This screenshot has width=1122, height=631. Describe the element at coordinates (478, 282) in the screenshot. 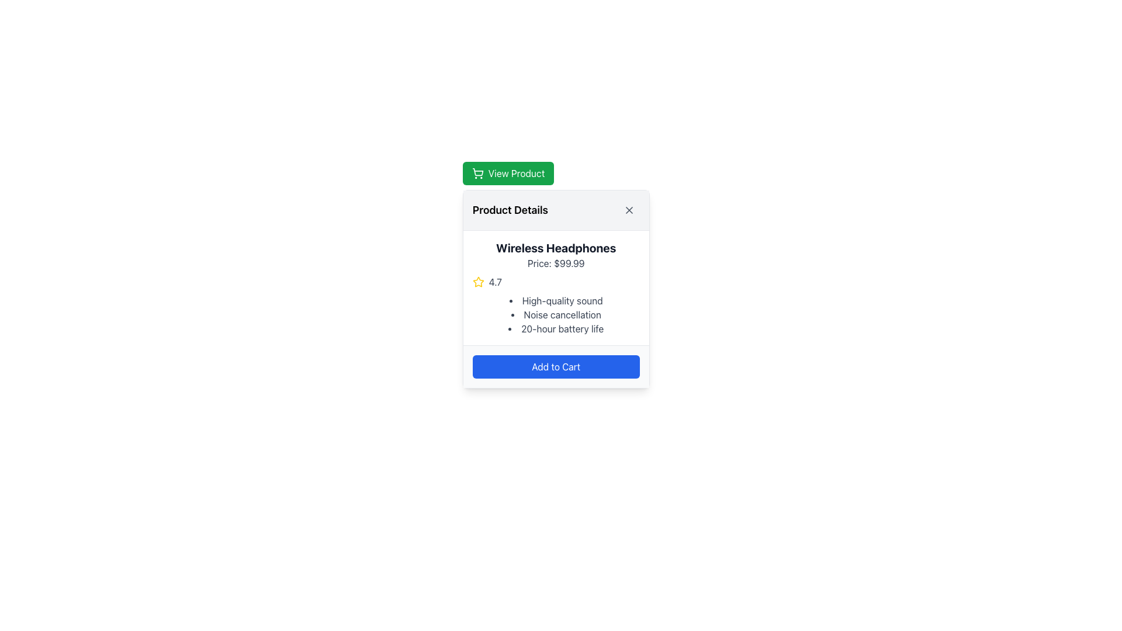

I see `the yellow star-shaped icon with a hollow center located inside the 'Product Details' dialog box, to the left of the numerical rating (4.7)` at that location.